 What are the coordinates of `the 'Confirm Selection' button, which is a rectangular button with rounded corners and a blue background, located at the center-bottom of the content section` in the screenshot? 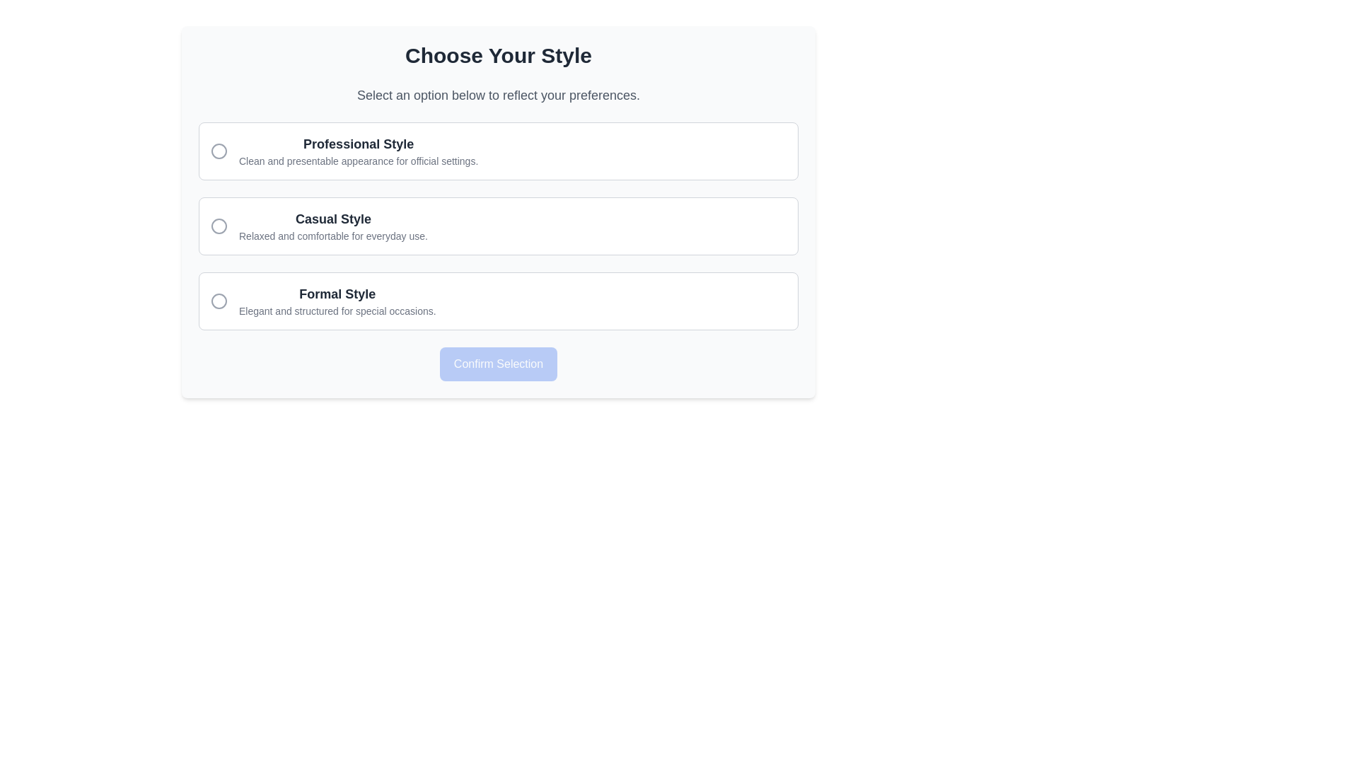 It's located at (499, 364).